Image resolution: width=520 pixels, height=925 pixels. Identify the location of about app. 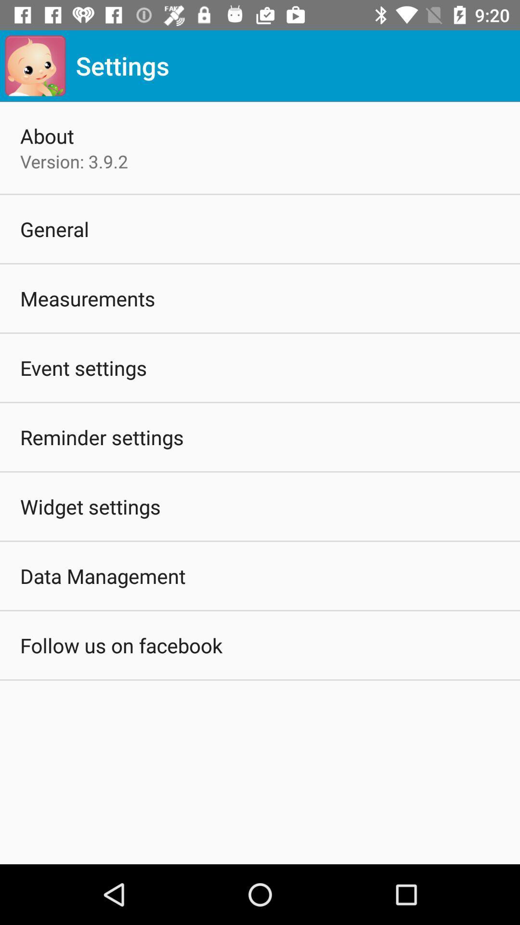
(47, 135).